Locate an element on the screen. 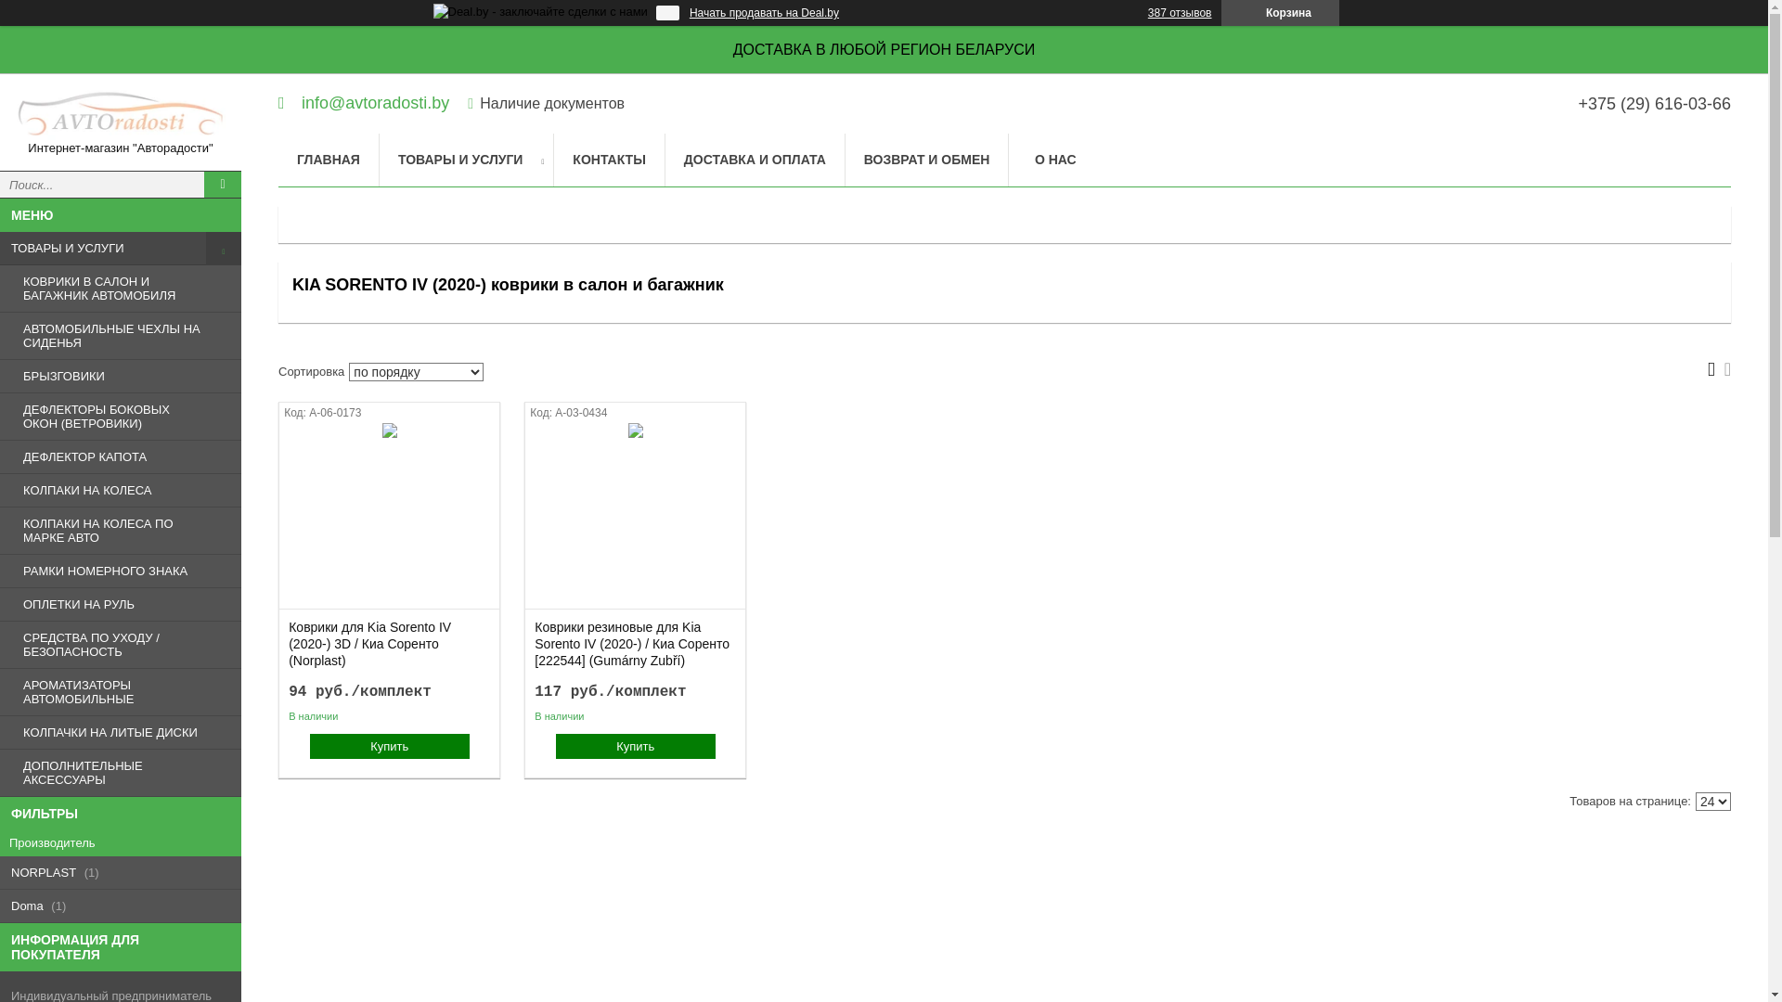  'info@avtoradosti.by' is located at coordinates (364, 102).